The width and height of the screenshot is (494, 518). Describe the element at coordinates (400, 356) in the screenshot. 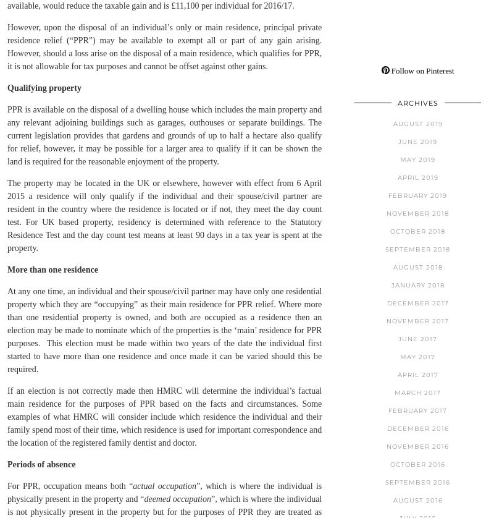

I see `'May 2017'` at that location.